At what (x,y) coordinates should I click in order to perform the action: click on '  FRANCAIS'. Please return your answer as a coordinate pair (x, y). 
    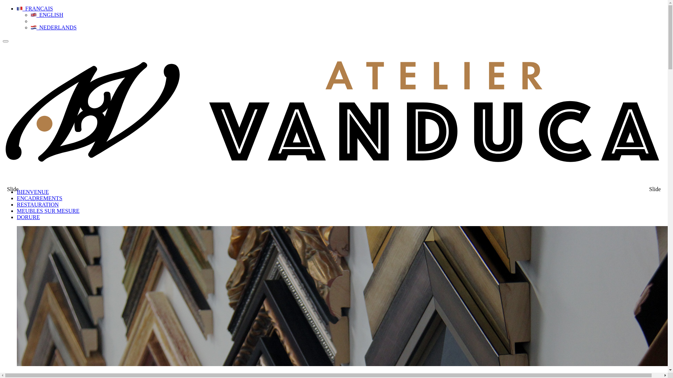
    Looking at the image, I should click on (34, 8).